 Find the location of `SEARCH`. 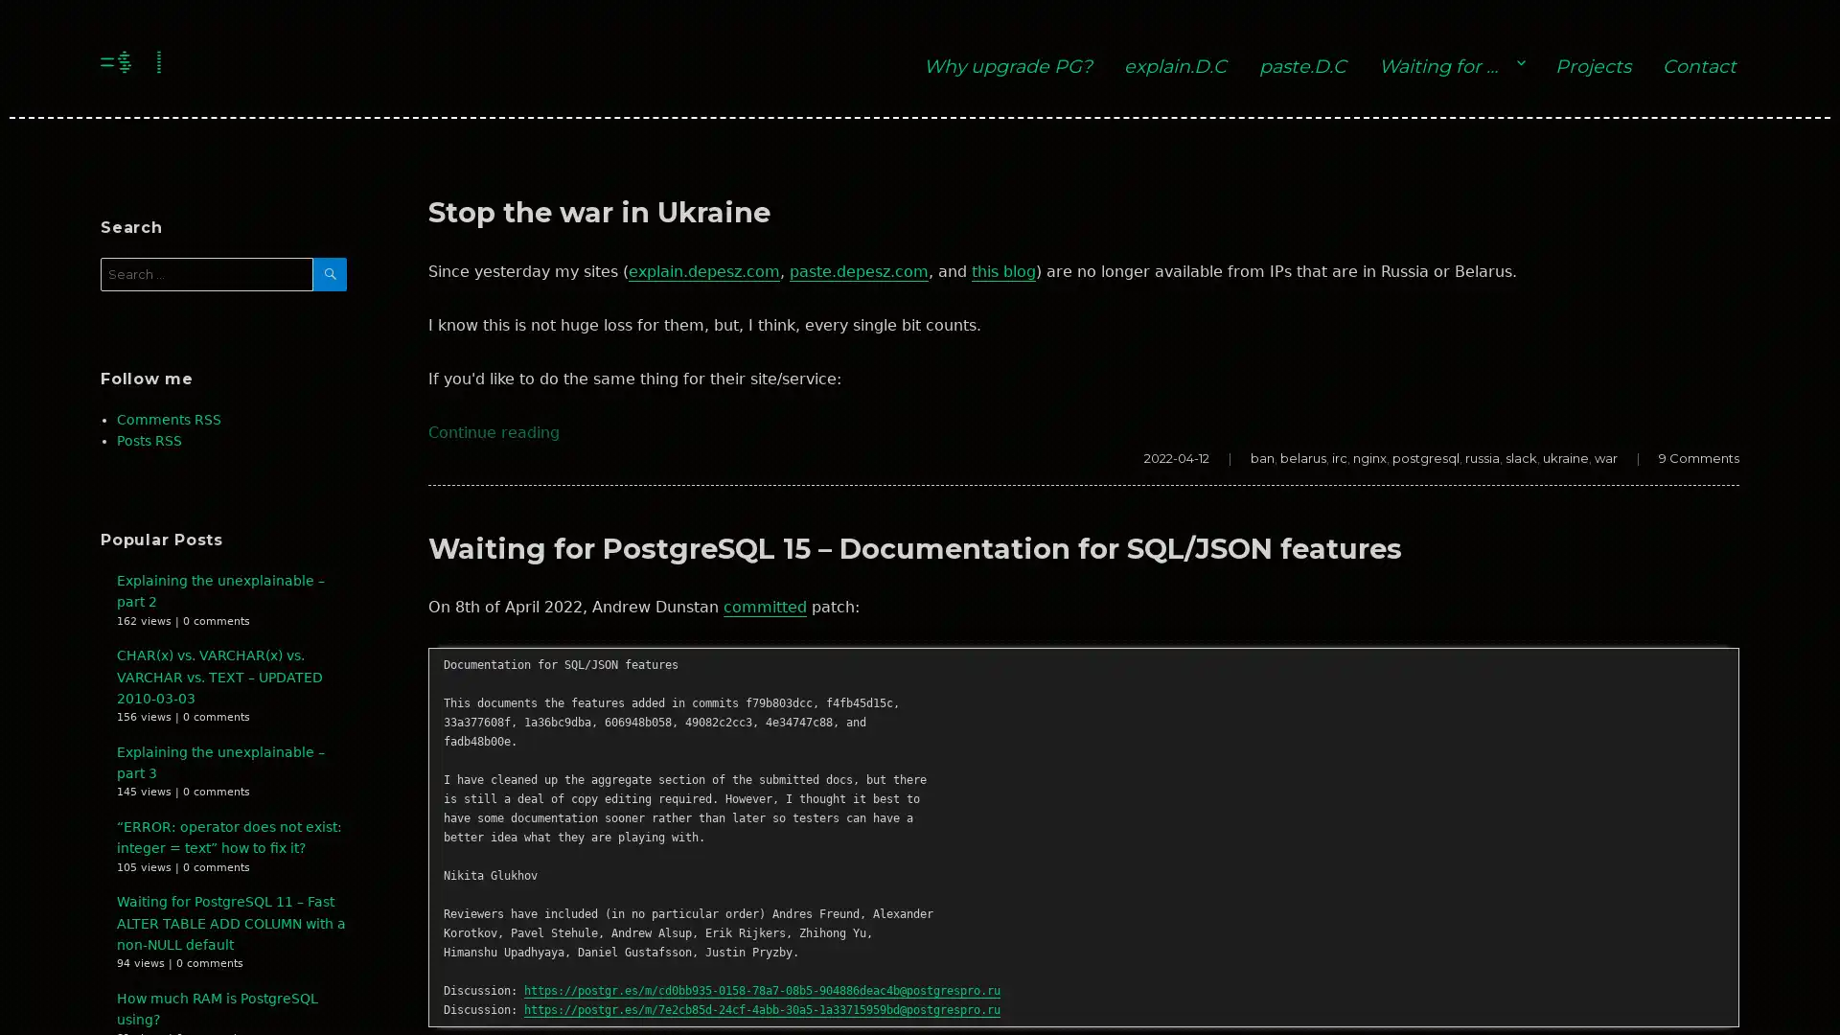

SEARCH is located at coordinates (329, 273).